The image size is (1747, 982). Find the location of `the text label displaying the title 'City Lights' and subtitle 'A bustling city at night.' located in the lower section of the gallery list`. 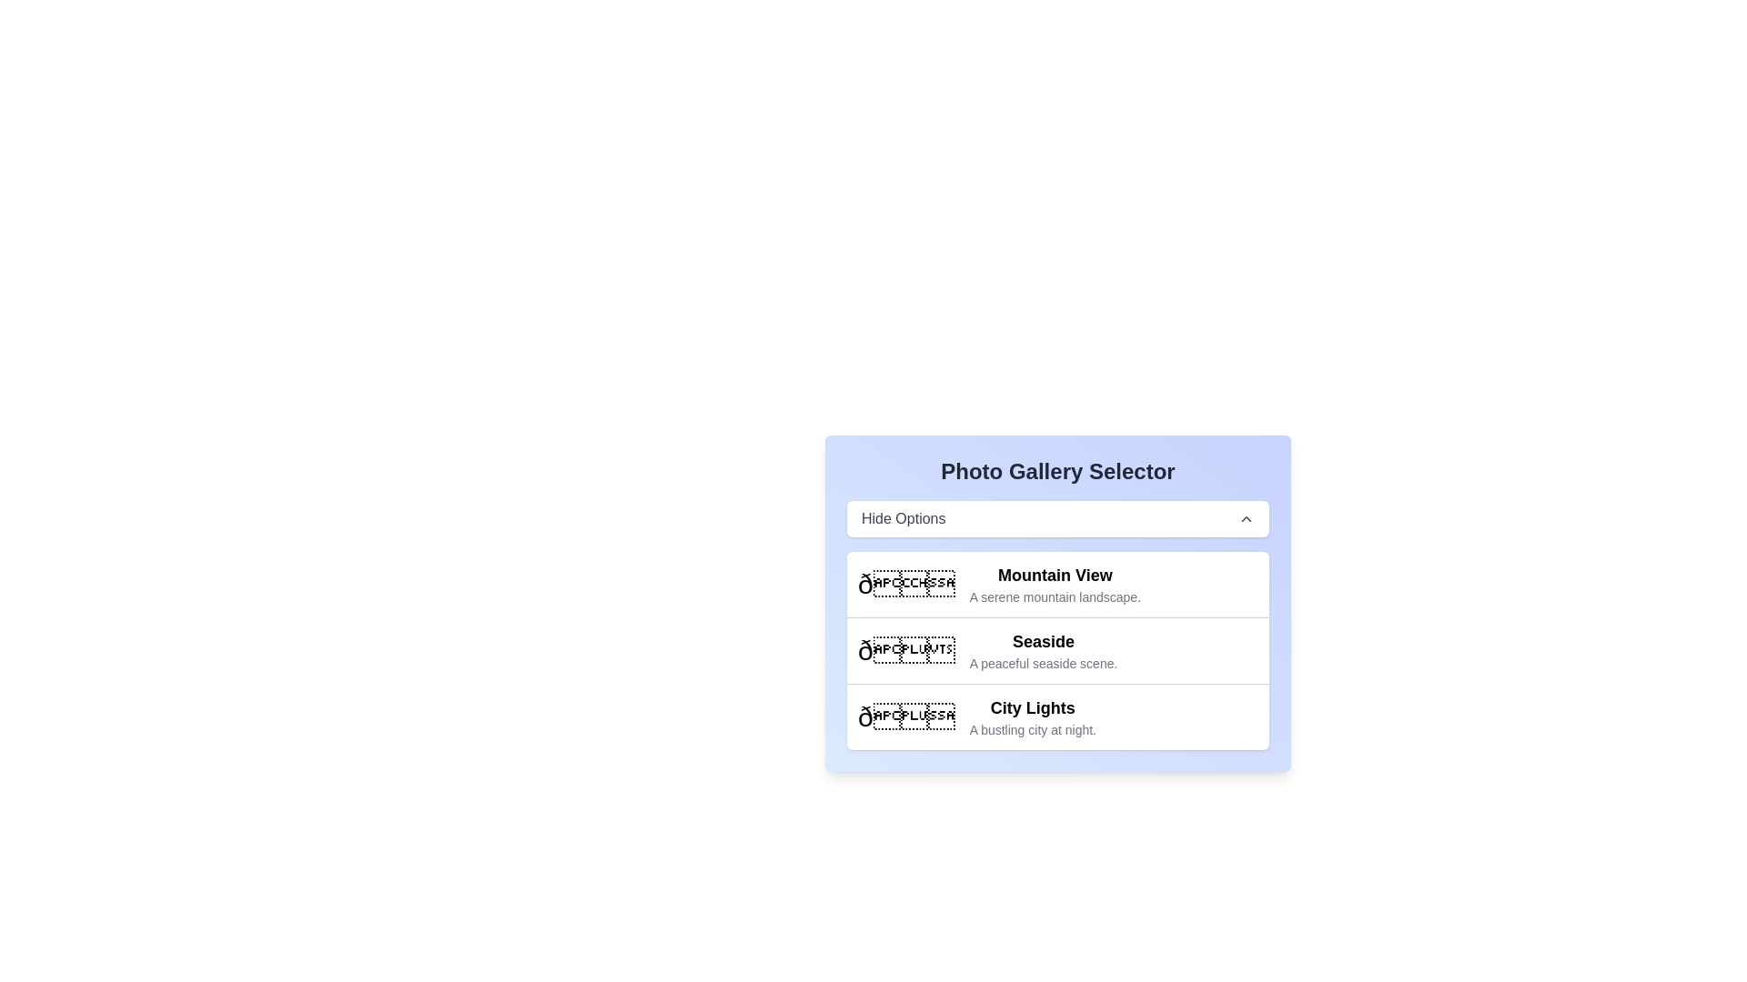

the text label displaying the title 'City Lights' and subtitle 'A bustling city at night.' located in the lower section of the gallery list is located at coordinates (1033, 716).